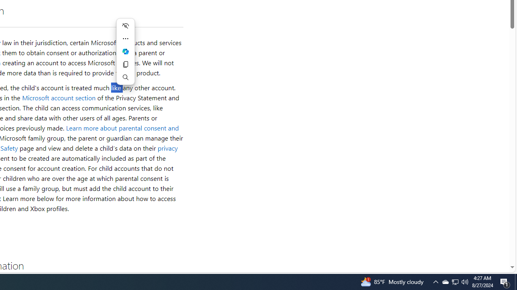 The width and height of the screenshot is (517, 290). What do you see at coordinates (58, 97) in the screenshot?
I see `'Microsoft account section'` at bounding box center [58, 97].